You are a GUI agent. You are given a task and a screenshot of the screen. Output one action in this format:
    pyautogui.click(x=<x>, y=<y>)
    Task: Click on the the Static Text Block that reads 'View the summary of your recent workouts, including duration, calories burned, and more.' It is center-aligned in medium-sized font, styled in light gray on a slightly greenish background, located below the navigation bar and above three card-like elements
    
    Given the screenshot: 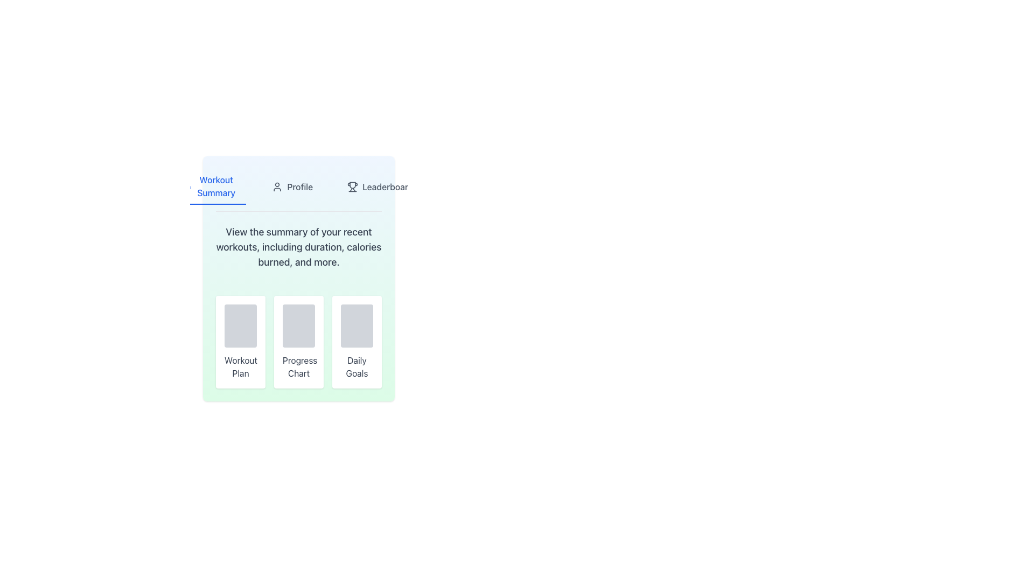 What is the action you would take?
    pyautogui.click(x=299, y=247)
    